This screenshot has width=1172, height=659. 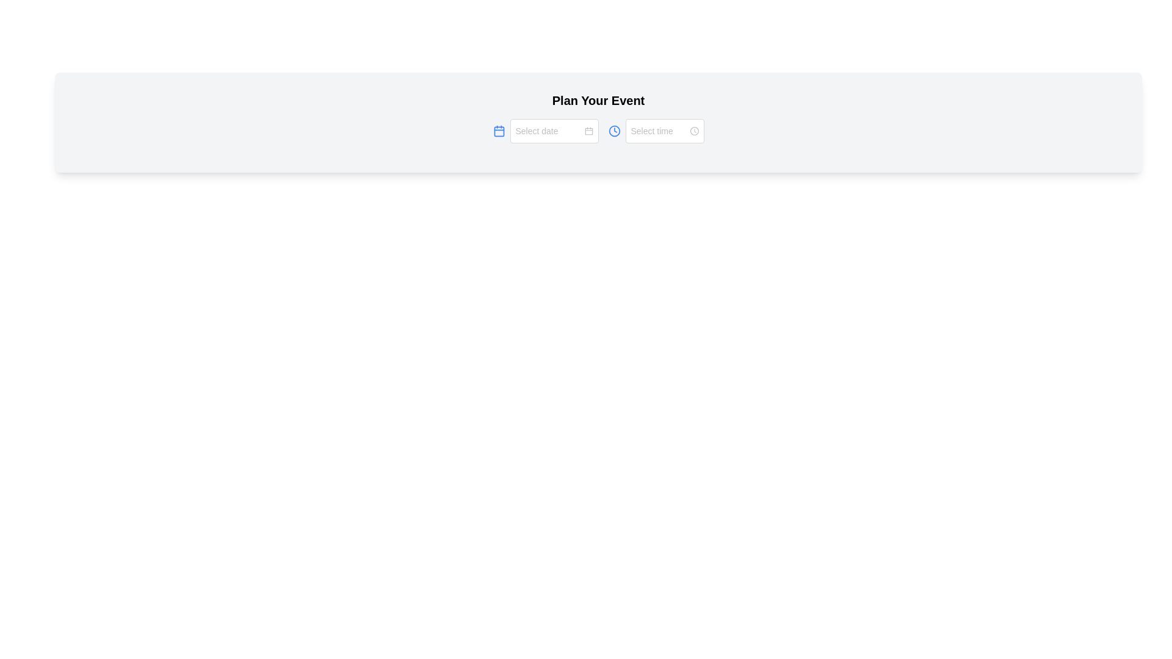 I want to click on the Date picker input field located beneath the heading 'Plan Your Event' to focus and open the date picker, so click(x=553, y=131).